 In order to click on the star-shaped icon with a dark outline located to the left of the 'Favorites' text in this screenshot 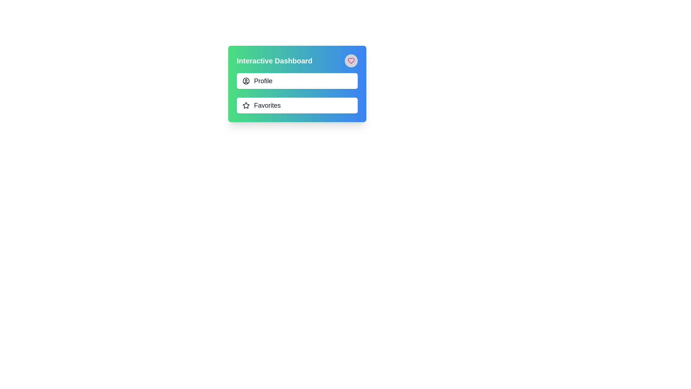, I will do `click(246, 106)`.